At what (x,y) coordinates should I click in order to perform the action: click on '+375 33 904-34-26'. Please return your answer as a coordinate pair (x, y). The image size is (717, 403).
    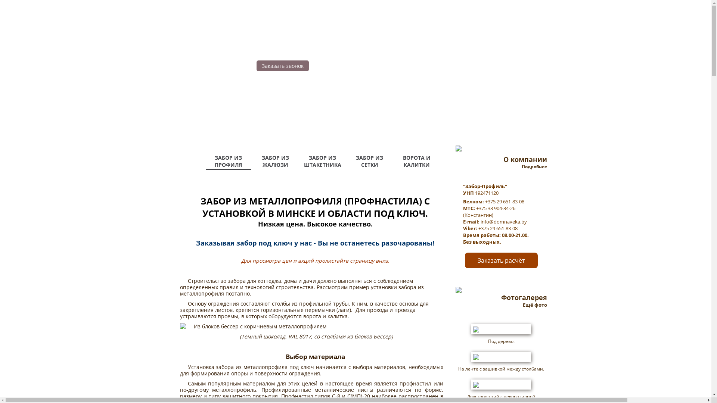
    Looking at the image, I should click on (495, 208).